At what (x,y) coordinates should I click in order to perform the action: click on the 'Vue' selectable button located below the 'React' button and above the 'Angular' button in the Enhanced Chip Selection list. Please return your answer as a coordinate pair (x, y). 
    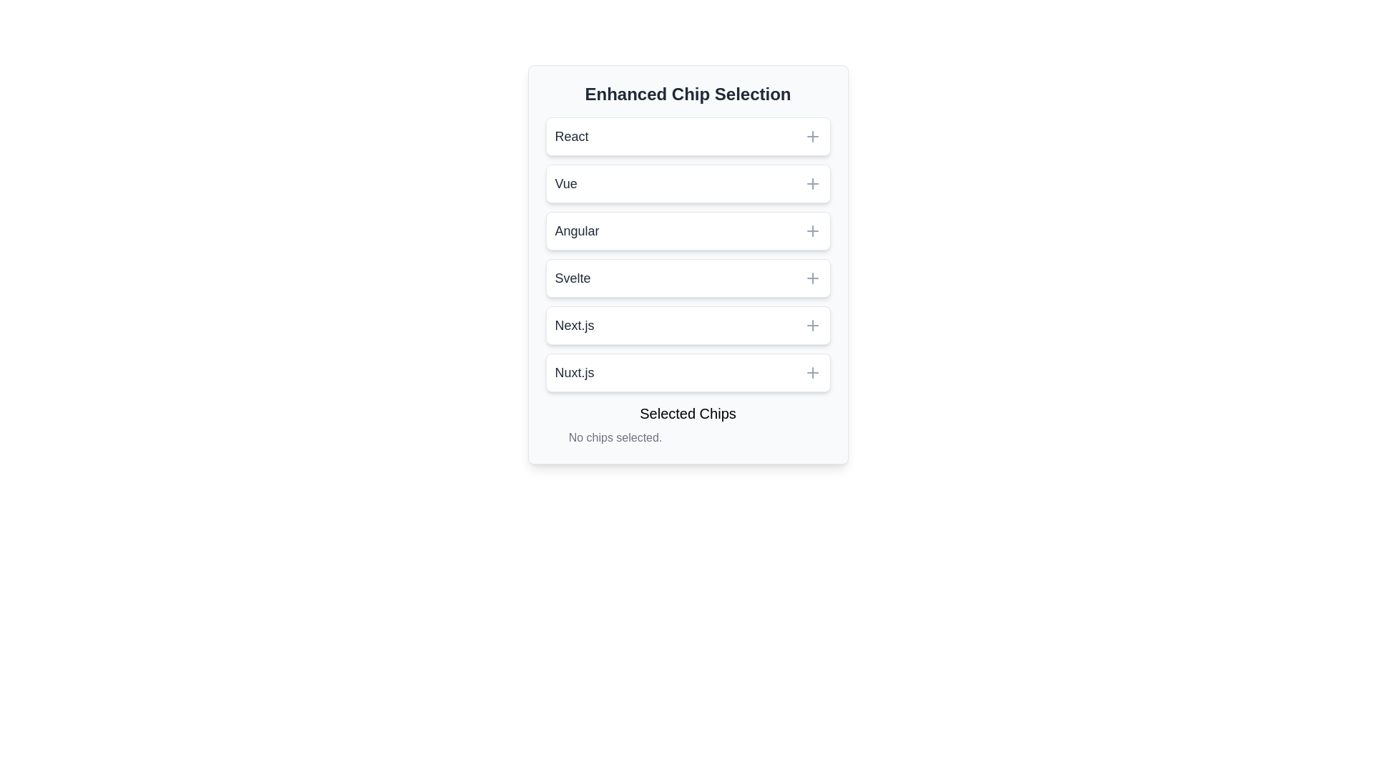
    Looking at the image, I should click on (688, 183).